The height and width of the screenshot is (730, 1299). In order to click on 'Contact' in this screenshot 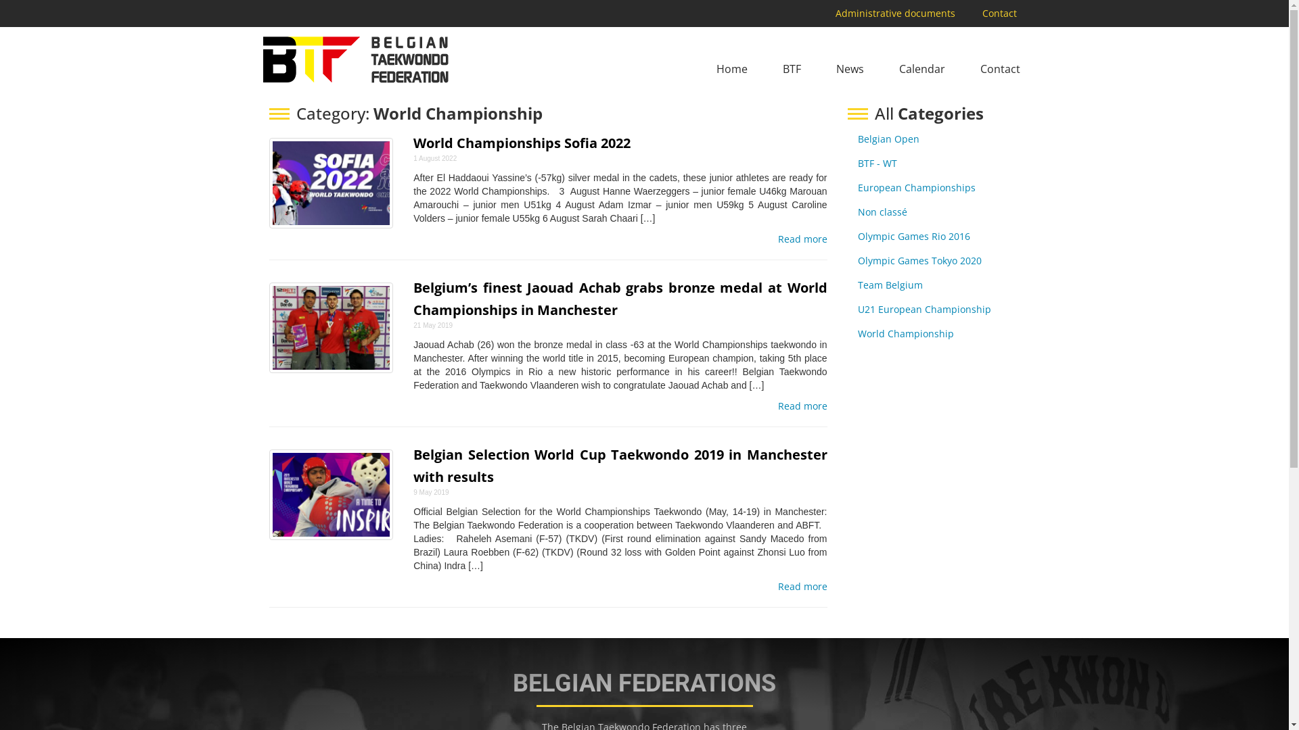, I will do `click(999, 13)`.